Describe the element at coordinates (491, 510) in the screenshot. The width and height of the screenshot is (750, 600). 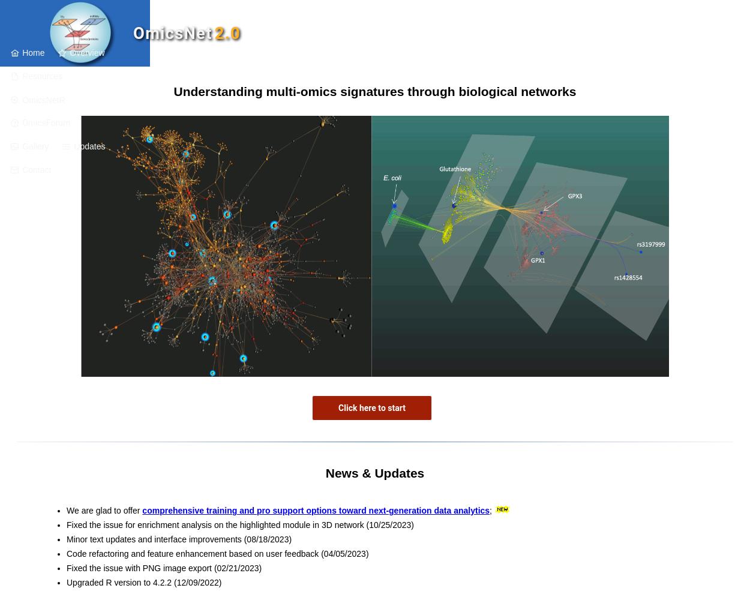
I see `';'` at that location.